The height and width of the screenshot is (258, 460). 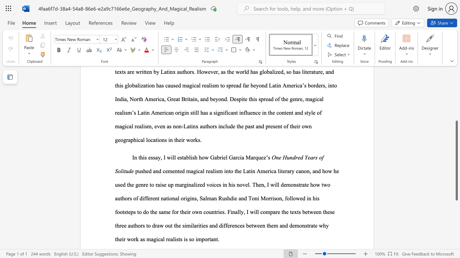 I want to click on the subset text "ay," within the text "In this essay, I will", so click(x=155, y=157).